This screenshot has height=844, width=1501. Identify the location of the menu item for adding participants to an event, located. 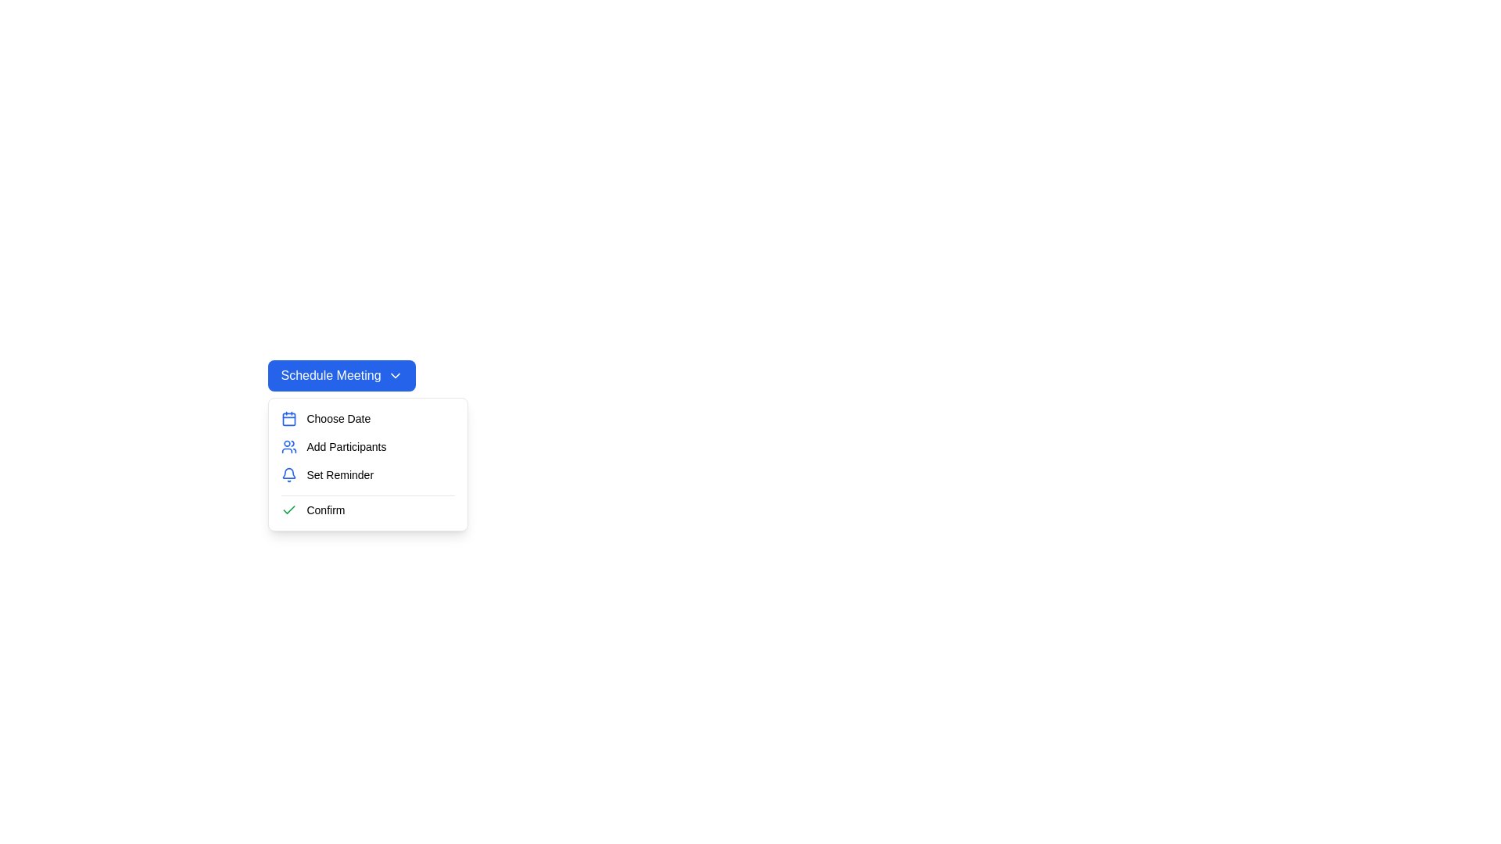
(367, 446).